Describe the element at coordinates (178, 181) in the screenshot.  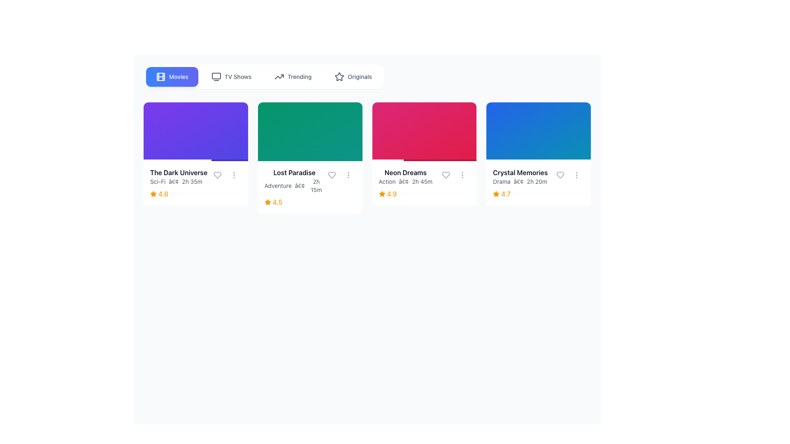
I see `the static textual information element stating 'Sci-Fi • 2h 35m', which is positioned directly below the title 'The Dark Universe' in the first movie card` at that location.